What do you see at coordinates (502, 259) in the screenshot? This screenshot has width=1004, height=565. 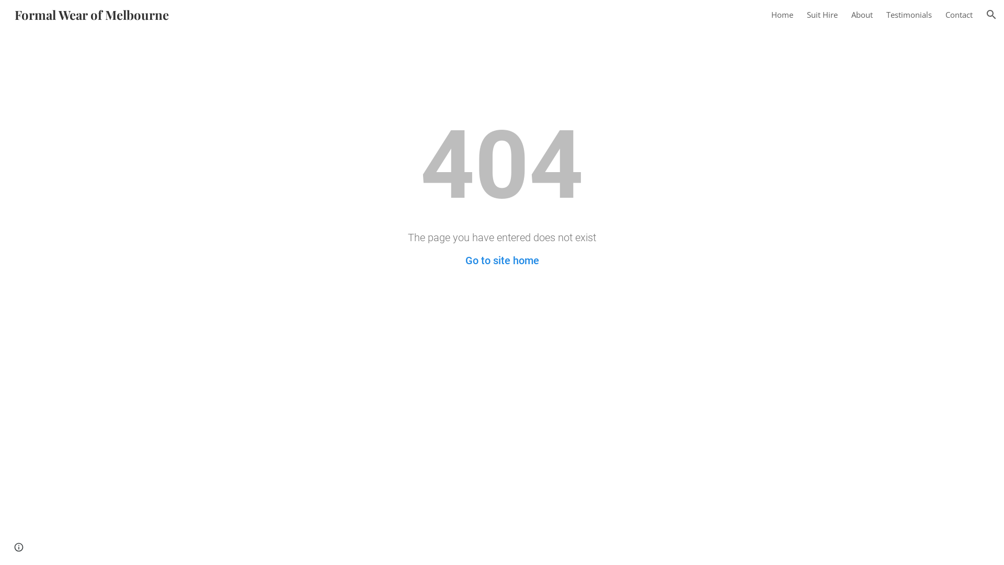 I see `'Go to site home'` at bounding box center [502, 259].